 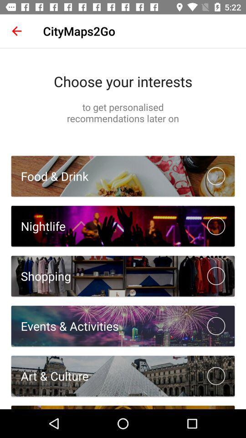 I want to click on shopping, so click(x=41, y=276).